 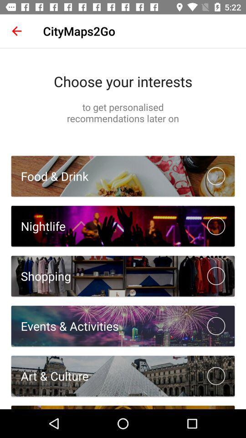 I want to click on shopping, so click(x=41, y=276).